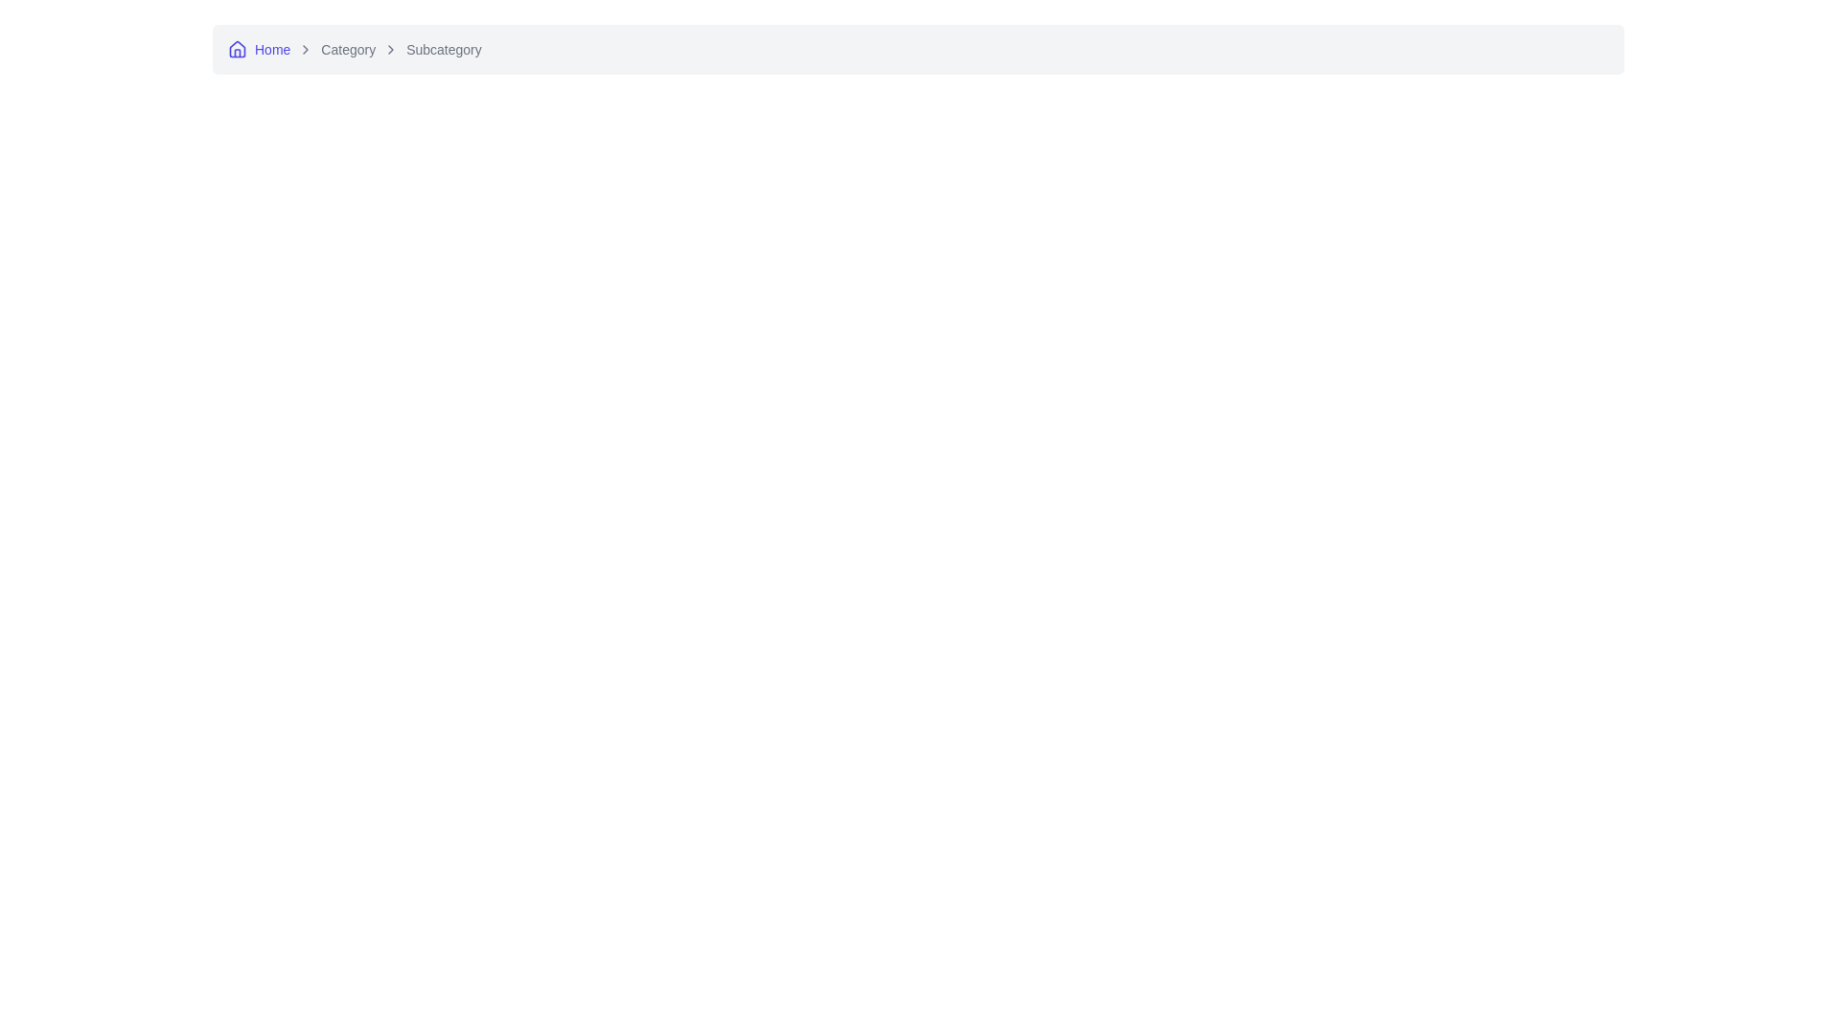 The image size is (1840, 1035). Describe the element at coordinates (237, 48) in the screenshot. I see `the house-shaped icon representing the 'Home' function in the breadcrumb navigation bar, located at the top left of the interface` at that location.